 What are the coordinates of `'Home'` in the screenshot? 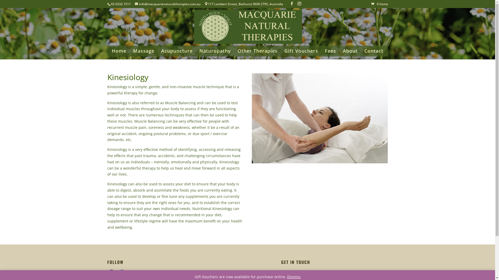 It's located at (119, 53).